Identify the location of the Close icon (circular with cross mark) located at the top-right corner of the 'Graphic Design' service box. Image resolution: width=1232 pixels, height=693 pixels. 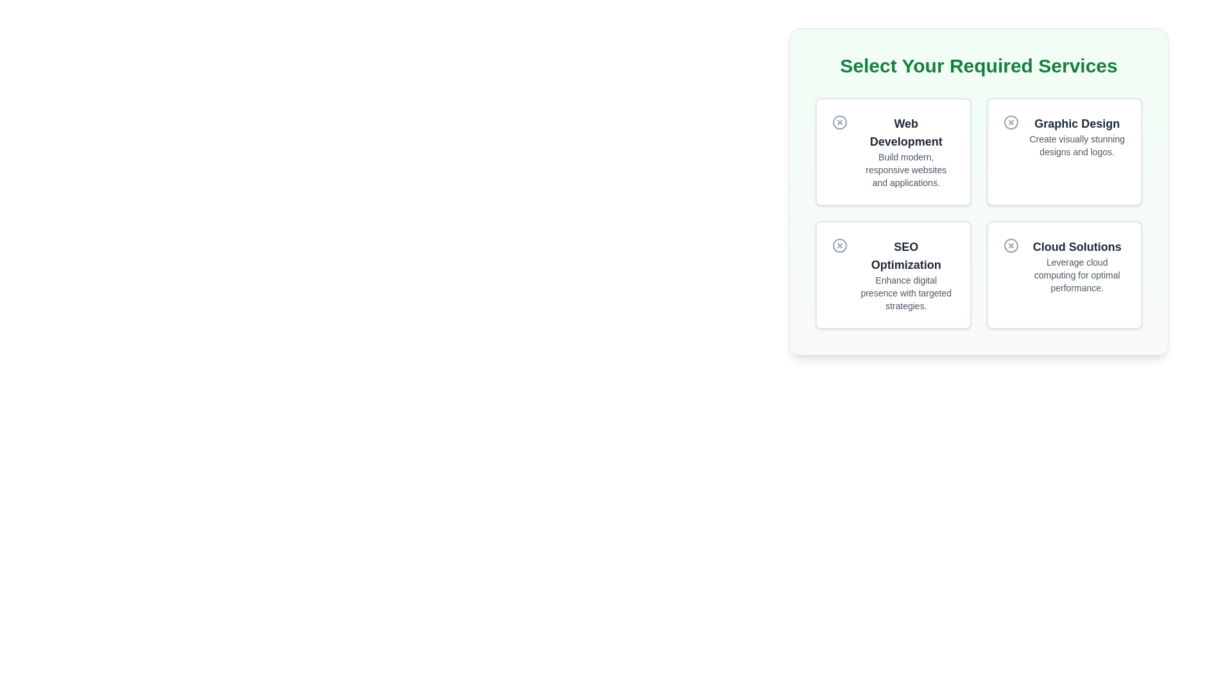
(1010, 123).